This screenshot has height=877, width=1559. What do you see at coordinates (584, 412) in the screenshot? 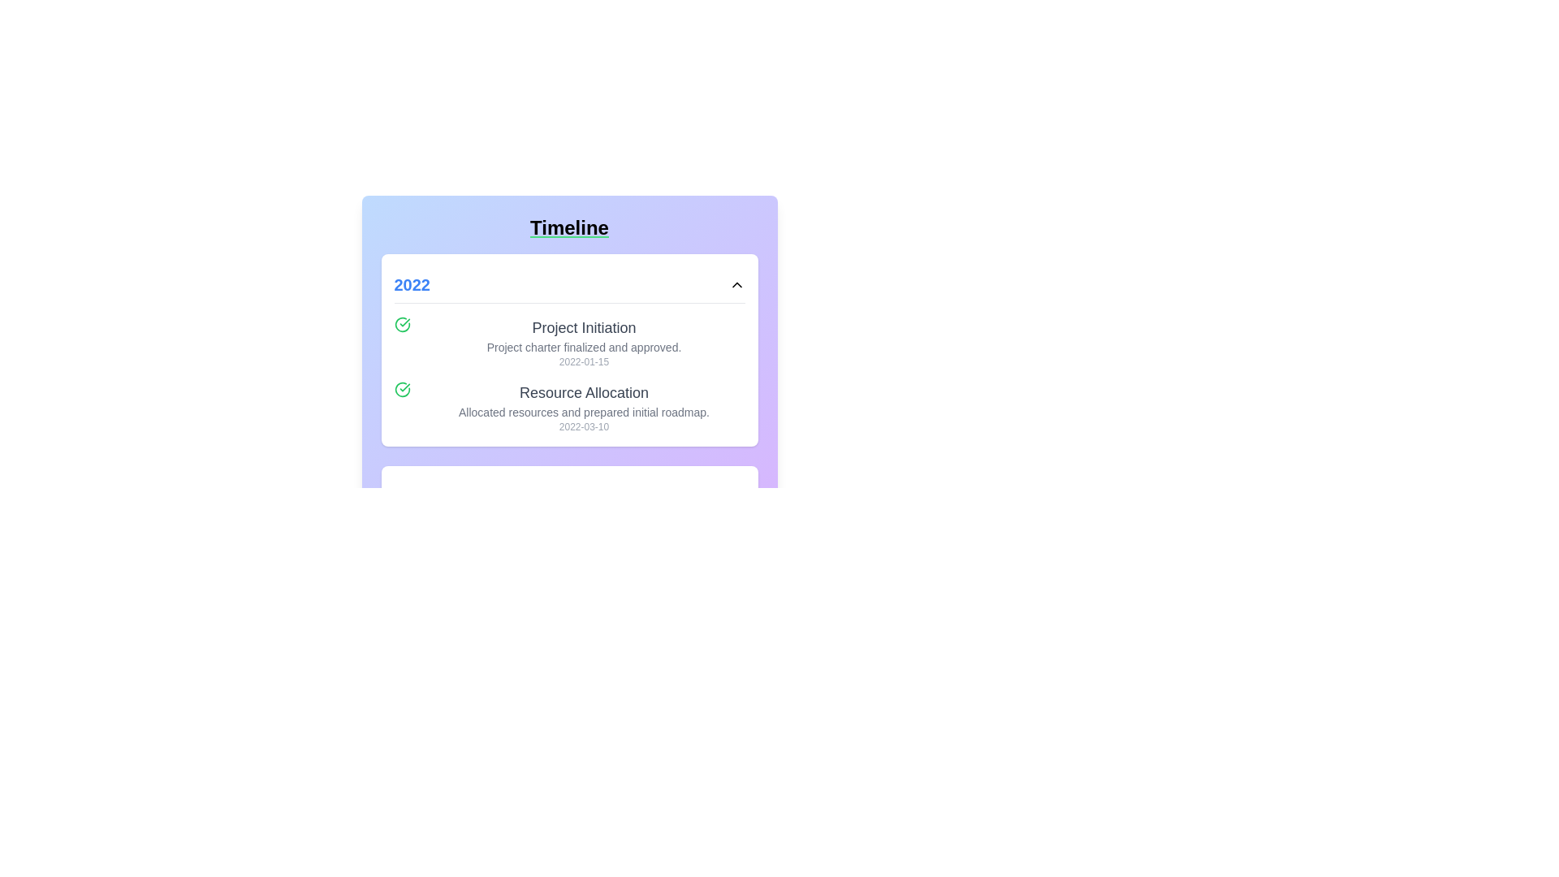
I see `descriptive text label that provides additional details about the 'Resource Allocation' phase, located below the 'Resource Allocation' title and above the '2022-03-10' date` at bounding box center [584, 412].